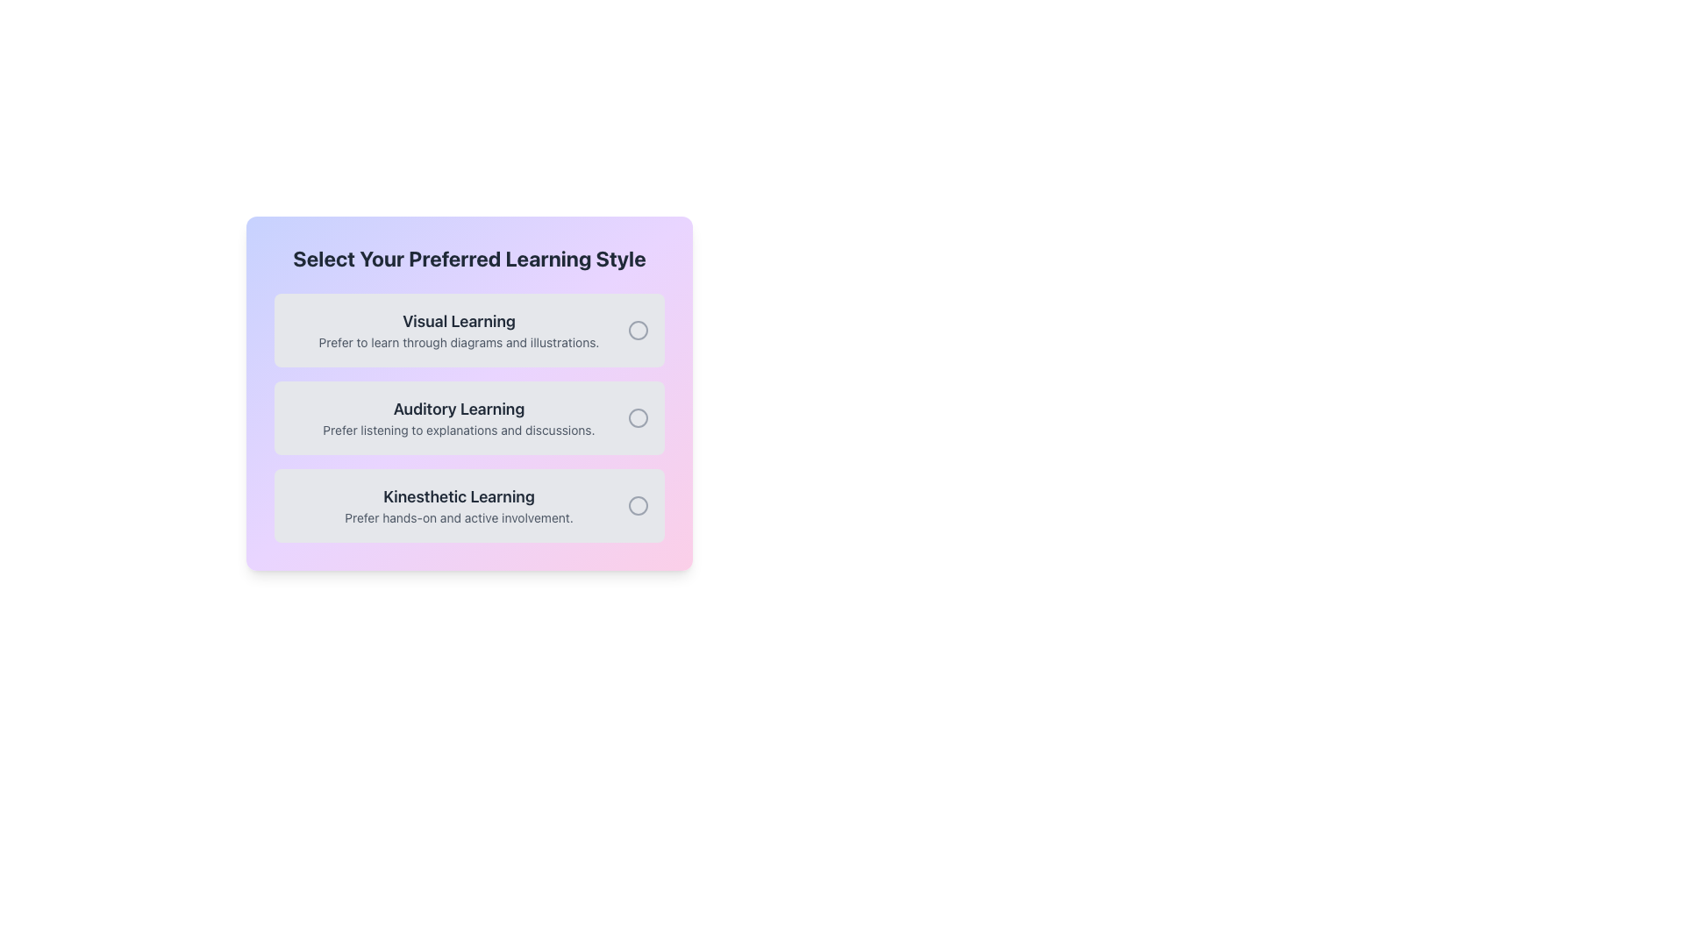  I want to click on static text located directly beneath the 'Visual Learning' title, which provides a brief explanation of the 'Visual Learning' option, so click(459, 342).